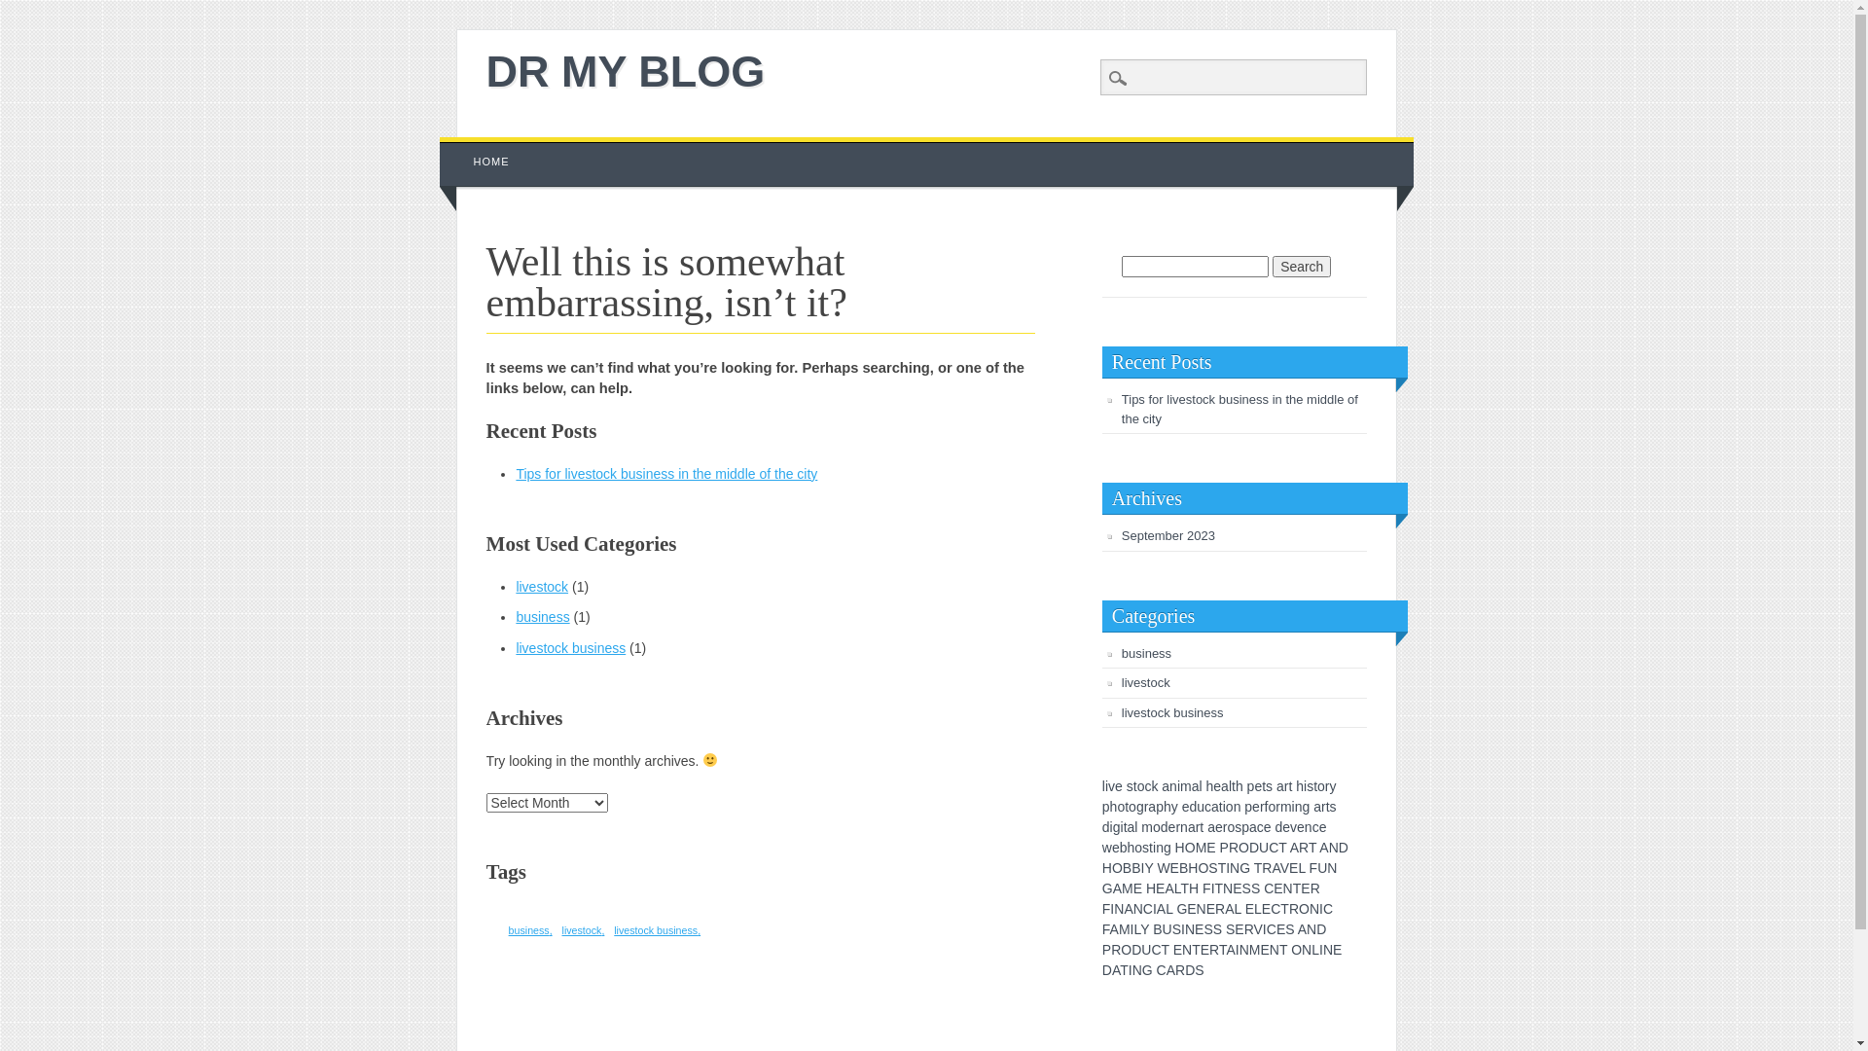 The image size is (1868, 1051). I want to click on 'f', so click(1265, 807).